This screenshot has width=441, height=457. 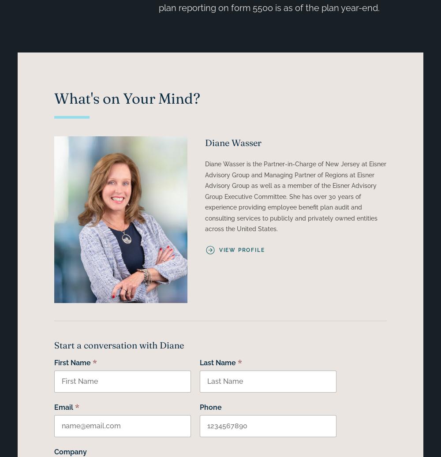 I want to click on 'First Name', so click(x=72, y=362).